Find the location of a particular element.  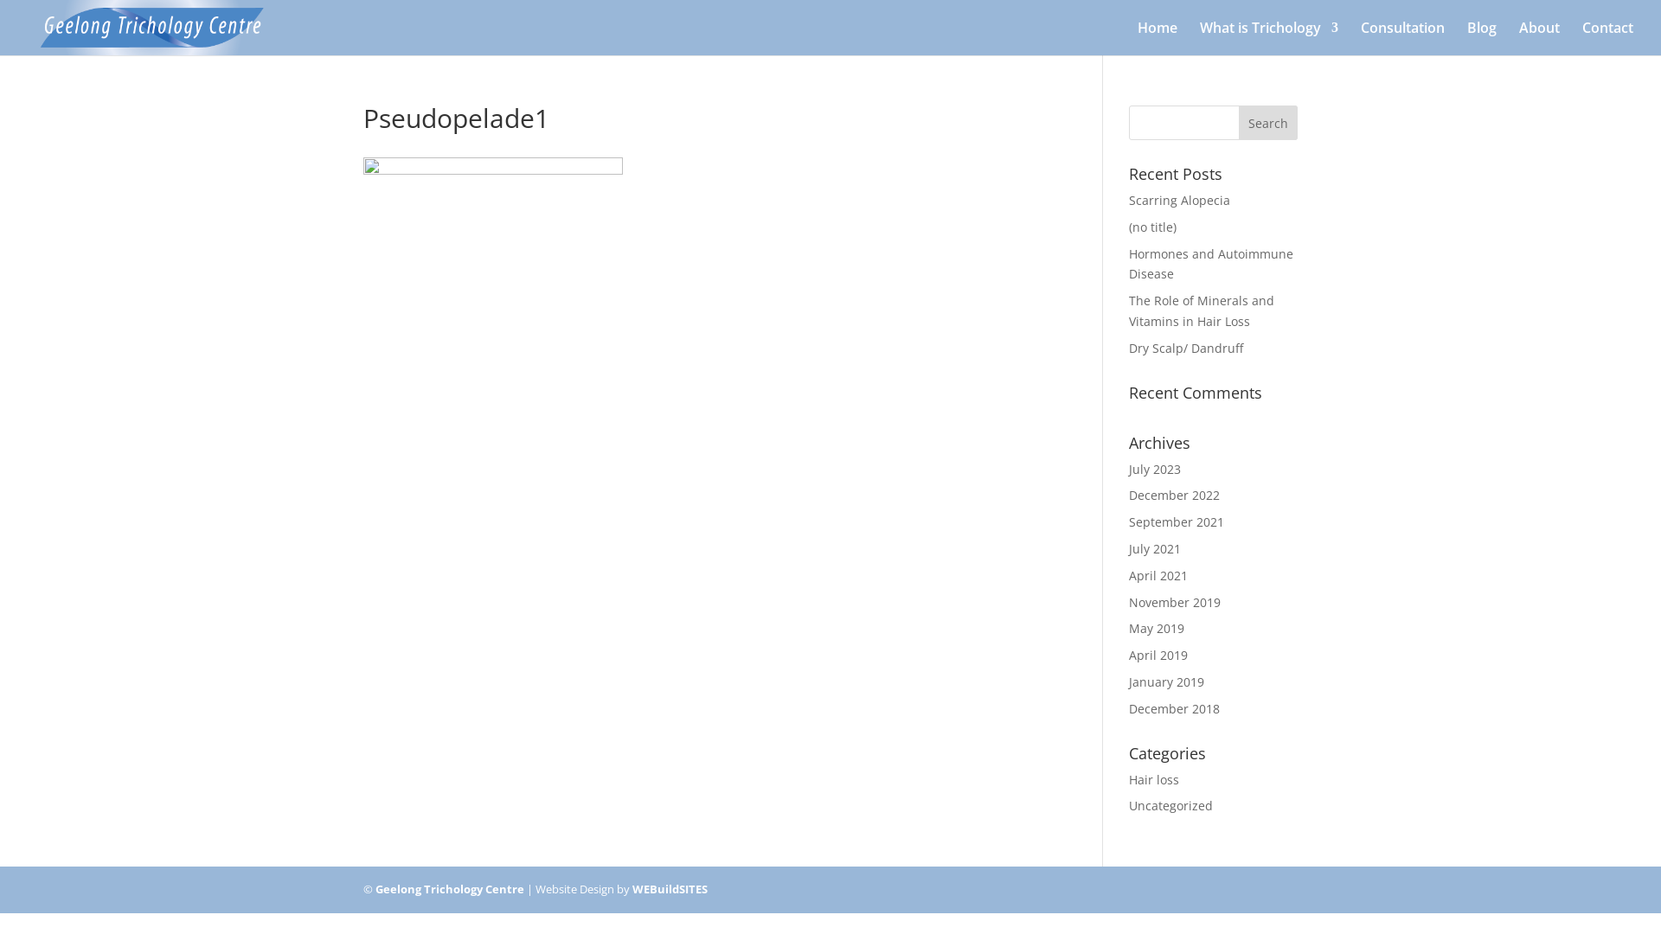

'April 2019' is located at coordinates (1158, 655).